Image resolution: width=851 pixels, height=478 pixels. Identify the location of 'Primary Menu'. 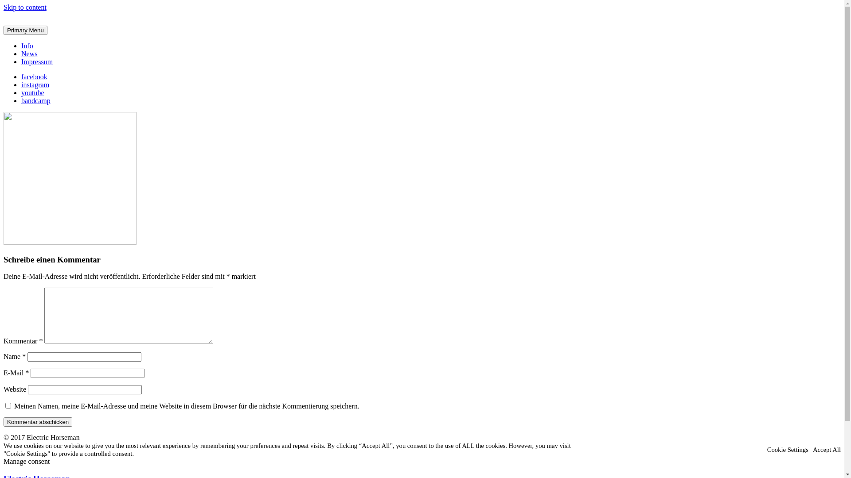
(4, 30).